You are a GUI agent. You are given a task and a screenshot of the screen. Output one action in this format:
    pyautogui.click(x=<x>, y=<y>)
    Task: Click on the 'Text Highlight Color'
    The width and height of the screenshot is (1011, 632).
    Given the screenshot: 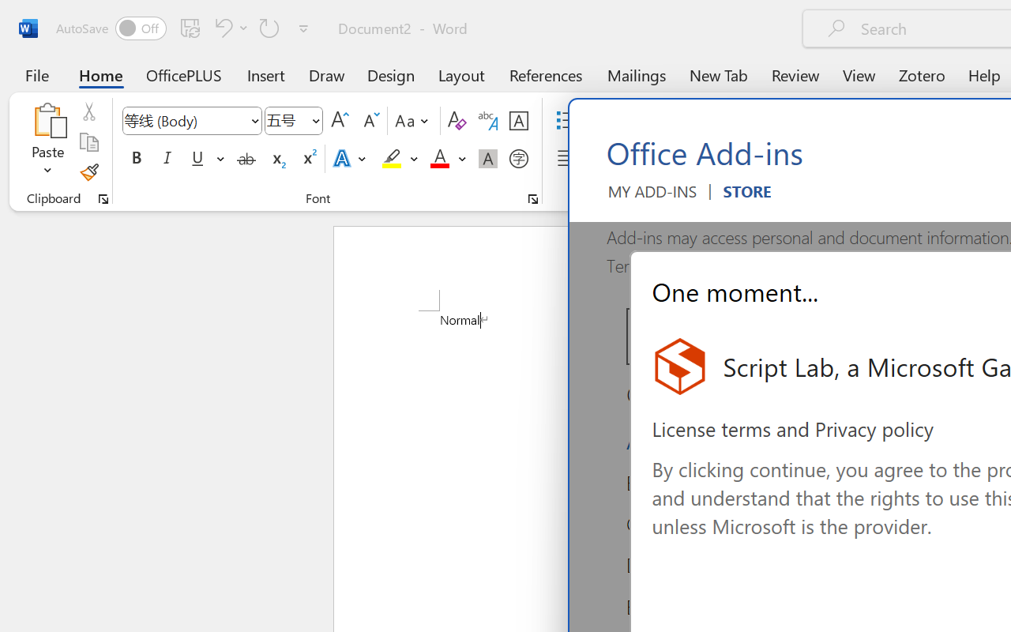 What is the action you would take?
    pyautogui.click(x=400, y=159)
    